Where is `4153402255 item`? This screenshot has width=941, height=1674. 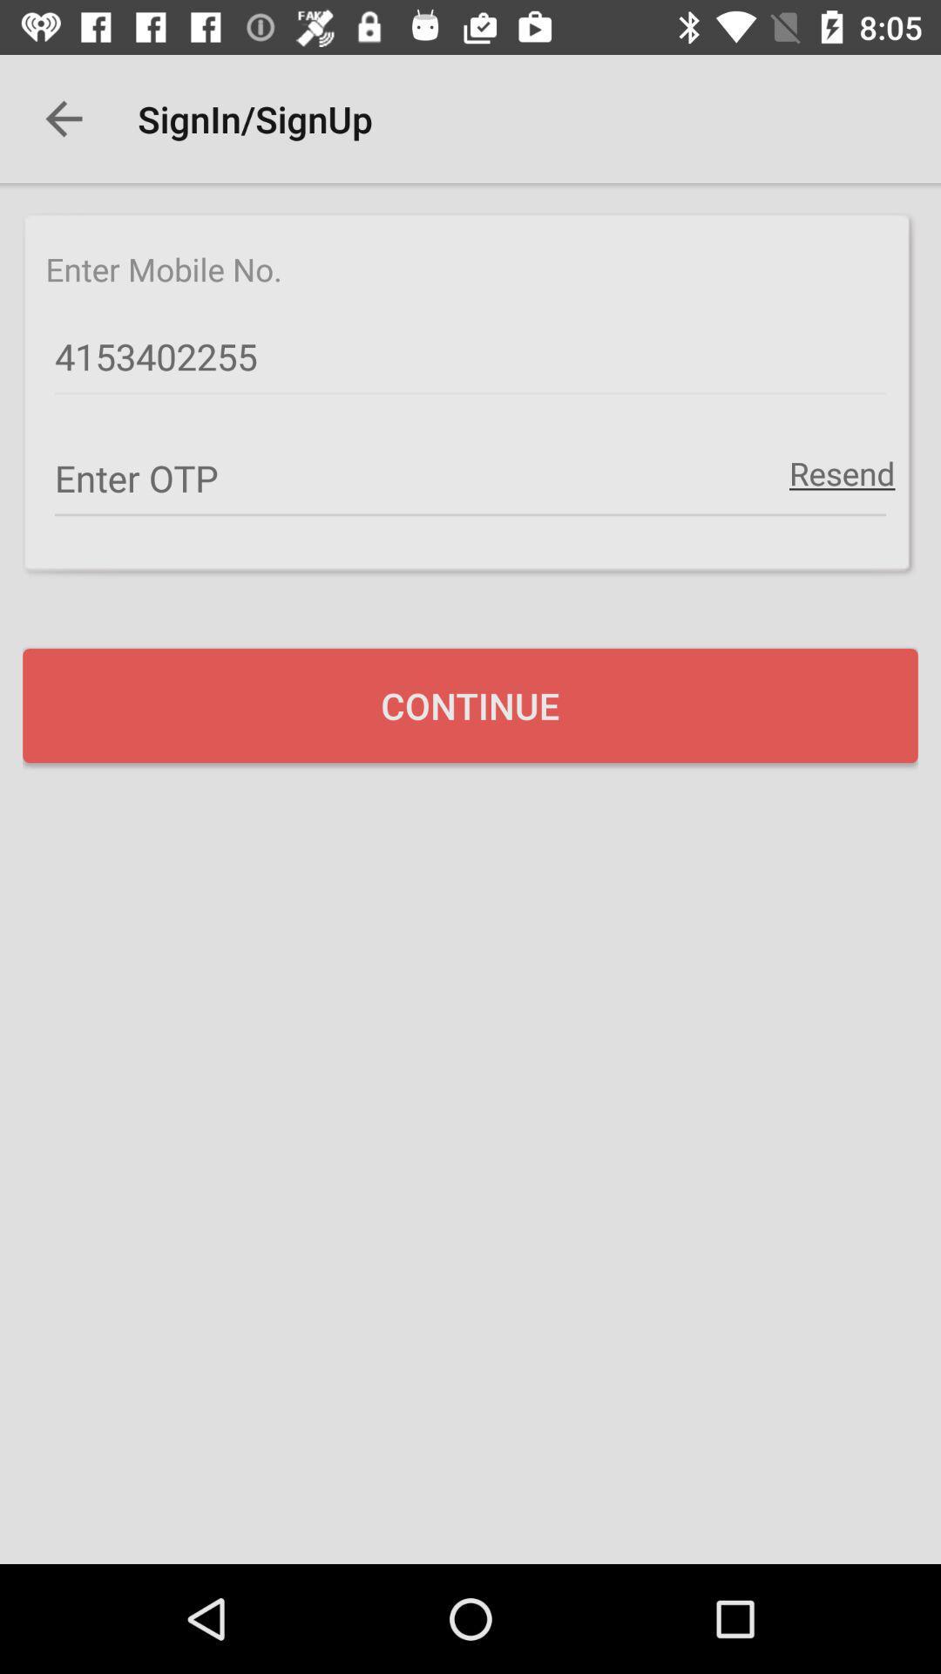
4153402255 item is located at coordinates (470, 357).